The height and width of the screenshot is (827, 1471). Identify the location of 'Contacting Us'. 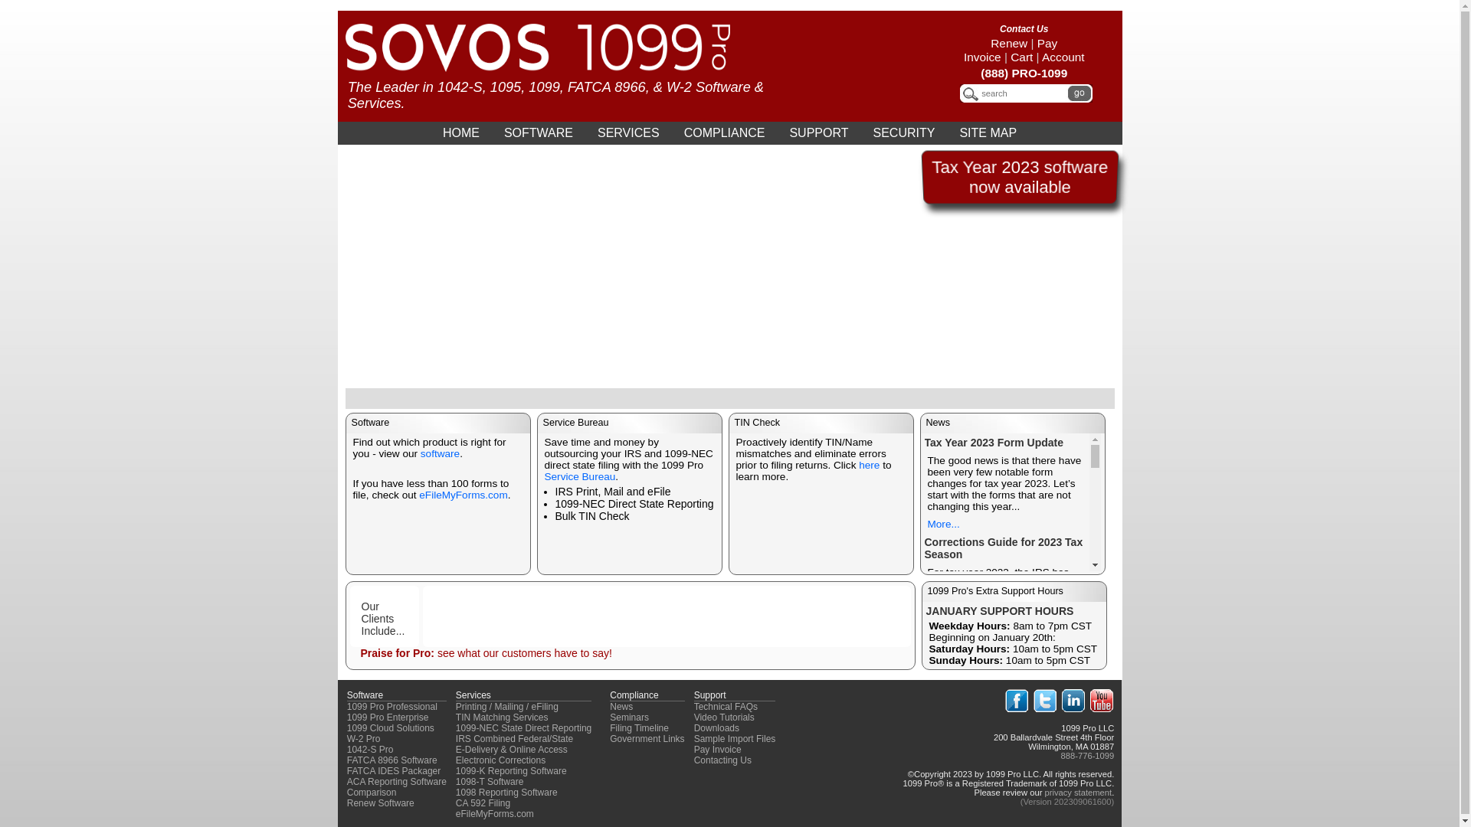
(693, 760).